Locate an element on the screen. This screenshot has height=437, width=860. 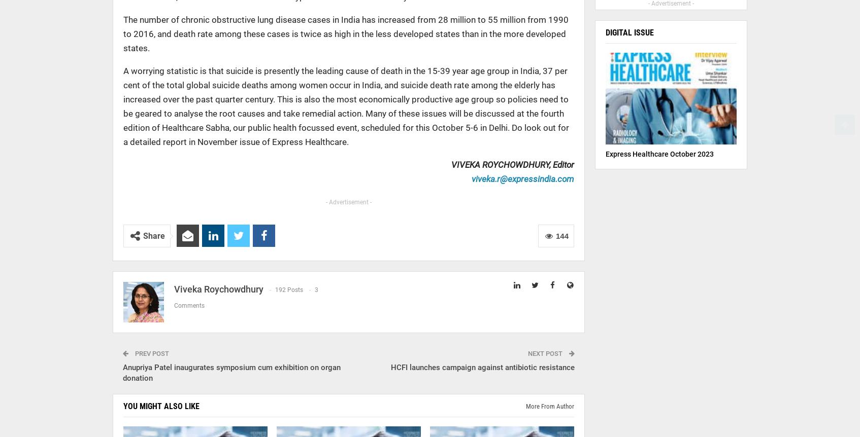
'The number of chronic obstructive lung disease cases in India has increased from 28 million to 55 million from 1990 to 2016, and death rate among these cases is twice as high in the less developed states than in the more developed states.' is located at coordinates (346, 33).